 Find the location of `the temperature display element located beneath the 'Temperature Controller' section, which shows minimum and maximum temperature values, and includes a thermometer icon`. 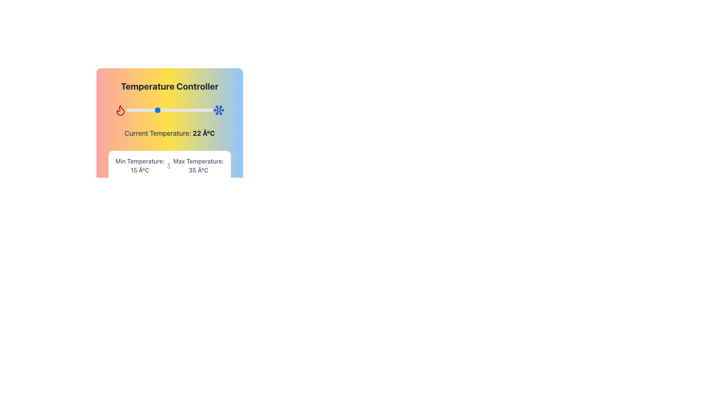

the temperature display element located beneath the 'Temperature Controller' section, which shows minimum and maximum temperature values, and includes a thermometer icon is located at coordinates (169, 165).